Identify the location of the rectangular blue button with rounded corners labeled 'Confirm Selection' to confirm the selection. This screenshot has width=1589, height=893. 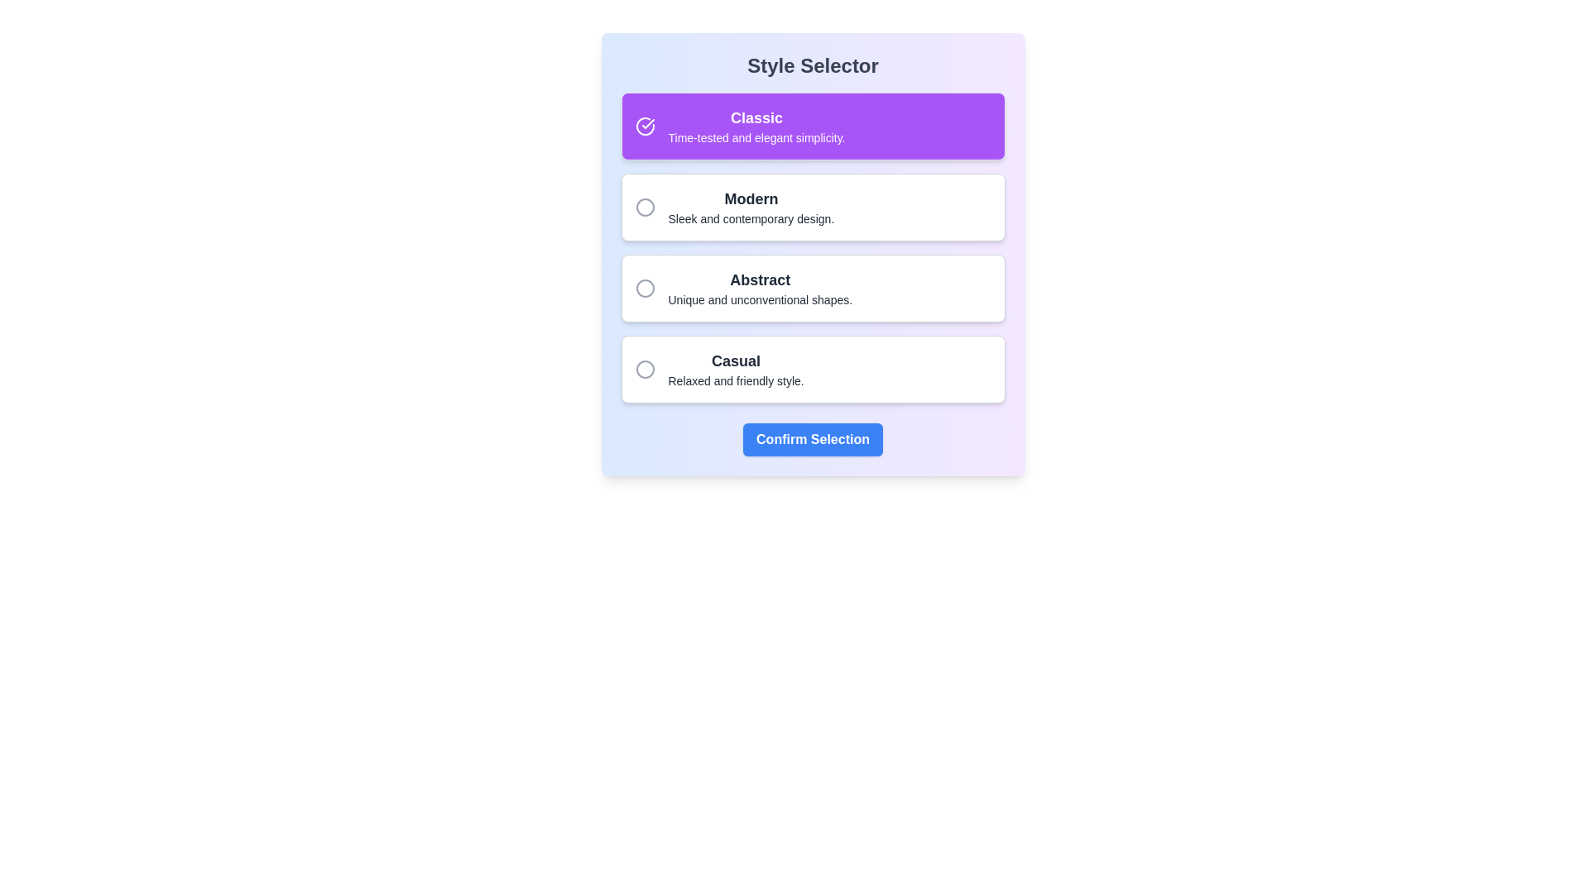
(813, 439).